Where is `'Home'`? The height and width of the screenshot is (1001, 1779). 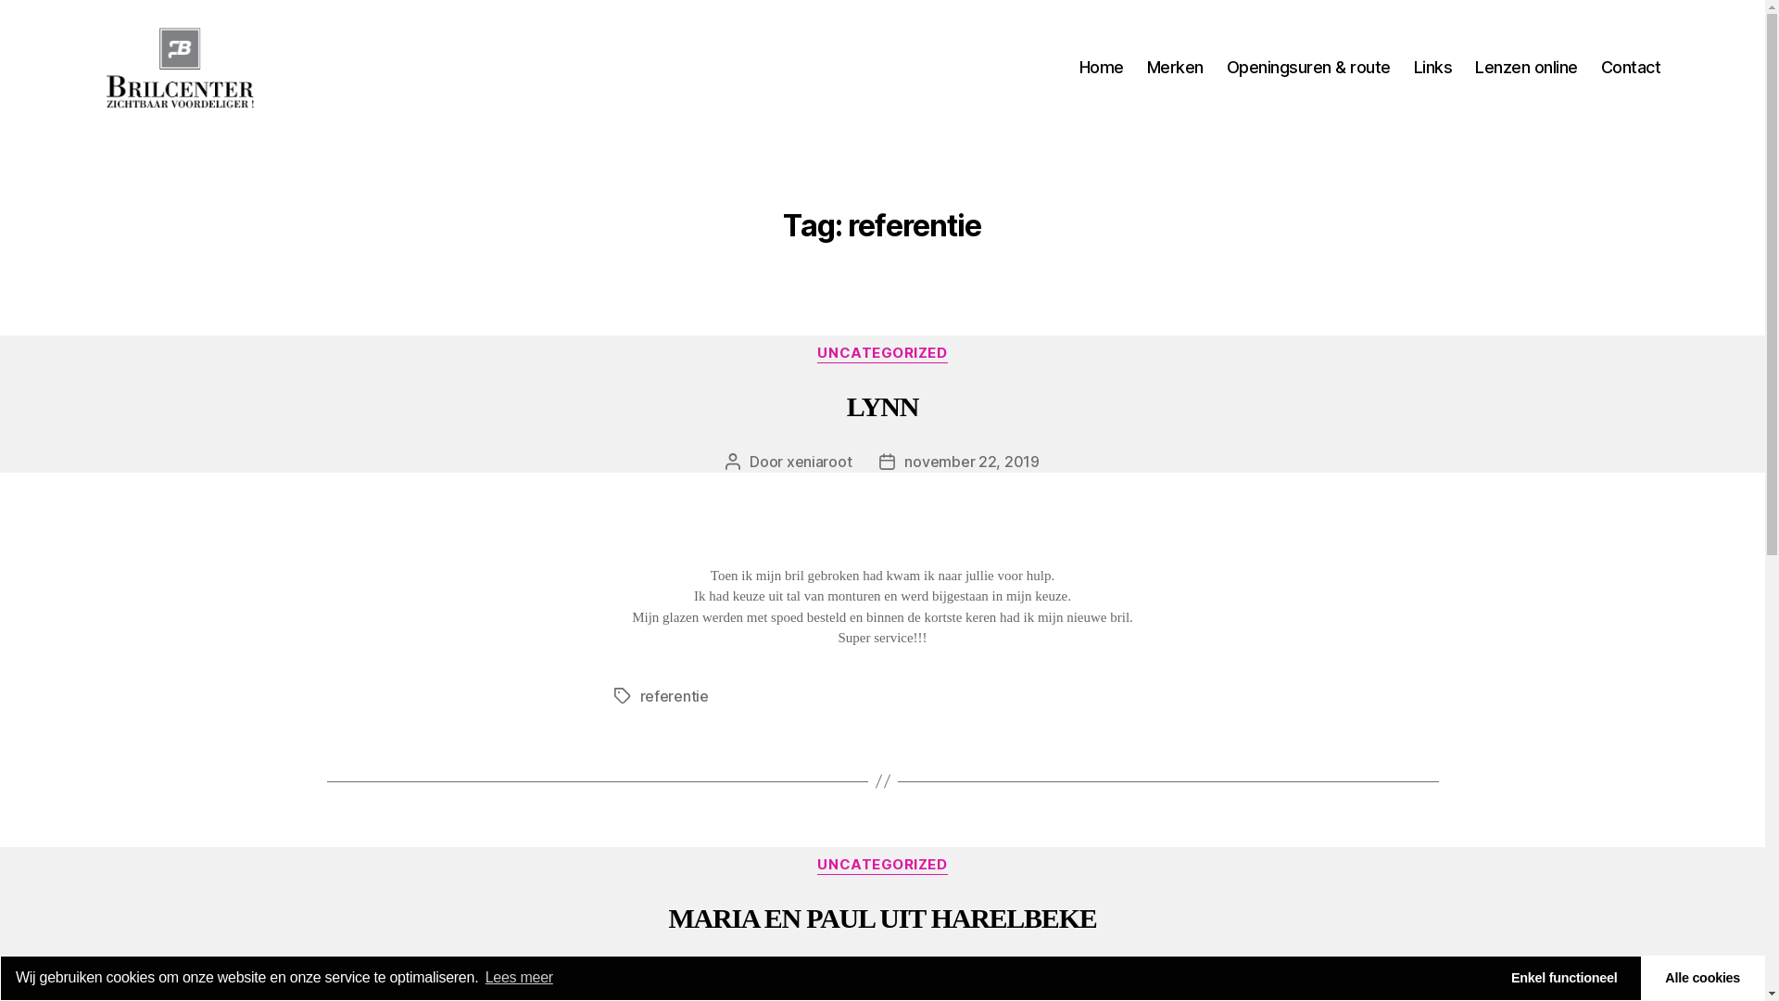 'Home' is located at coordinates (1102, 67).